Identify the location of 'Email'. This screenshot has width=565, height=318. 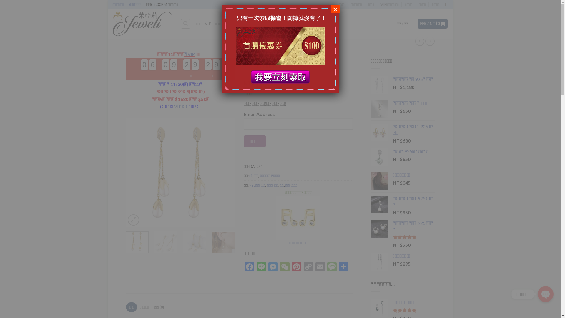
(314, 267).